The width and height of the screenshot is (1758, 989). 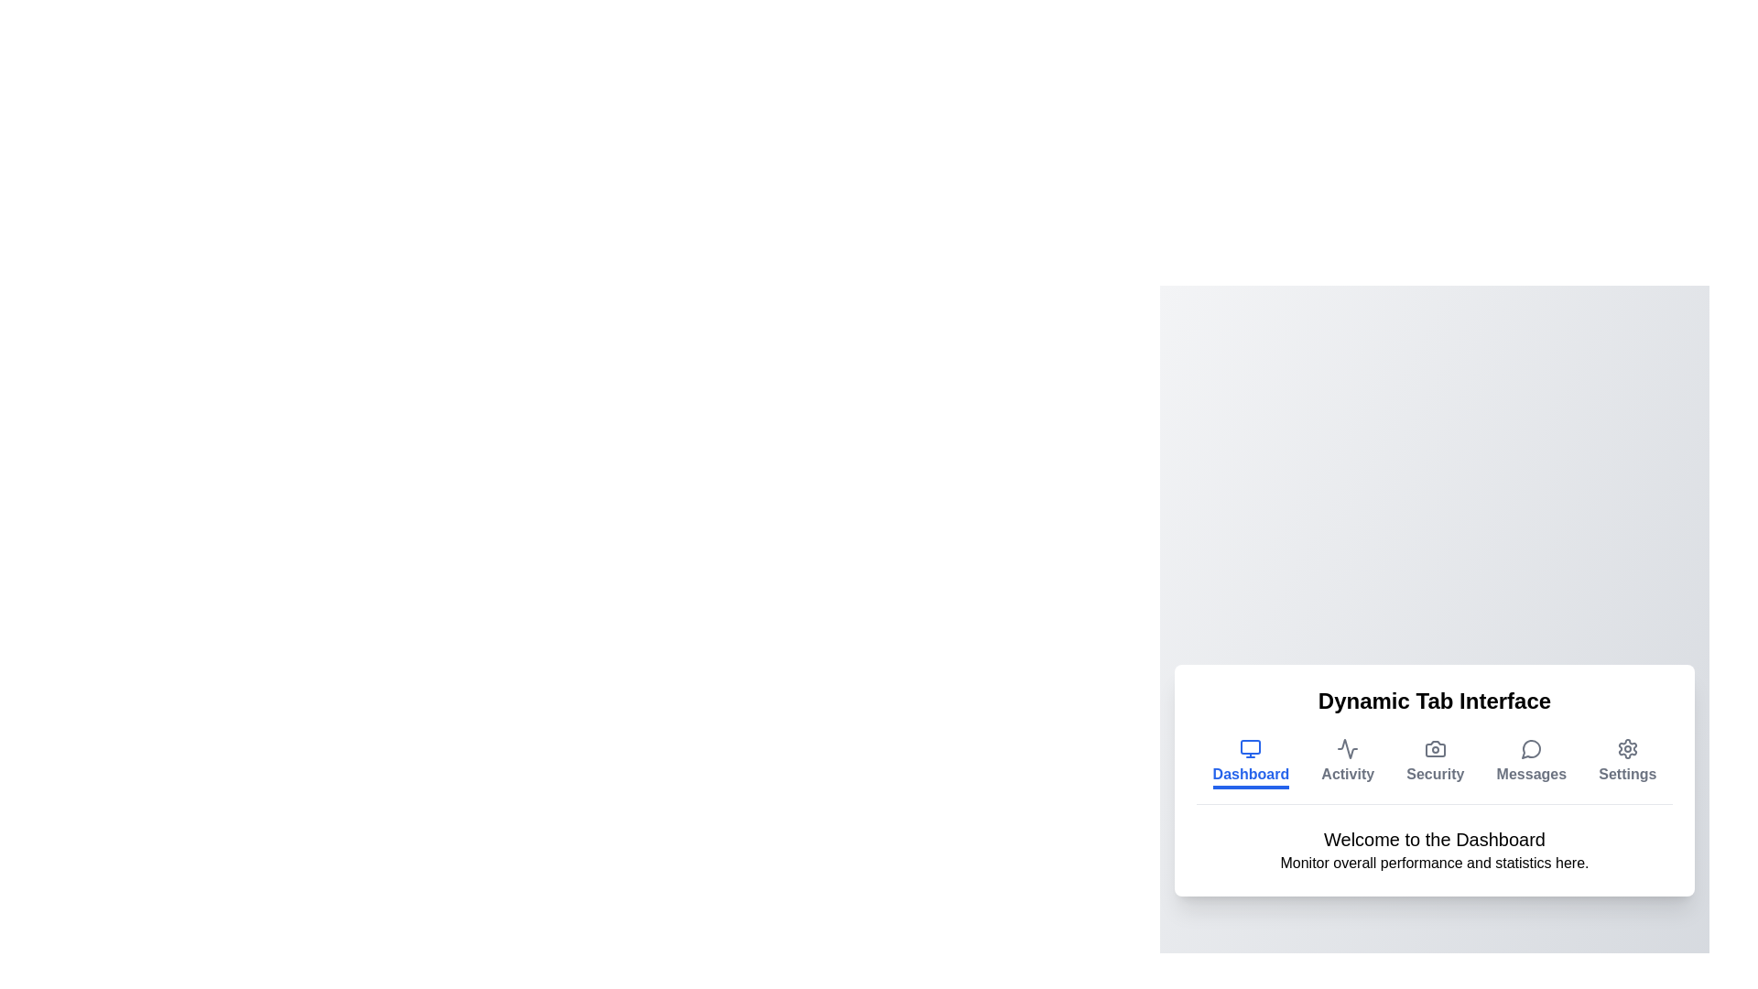 What do you see at coordinates (1434, 763) in the screenshot?
I see `the 'Security' button, which is a gray text button with a camera icon, located in the third position of the horizontal navigation menu` at bounding box center [1434, 763].